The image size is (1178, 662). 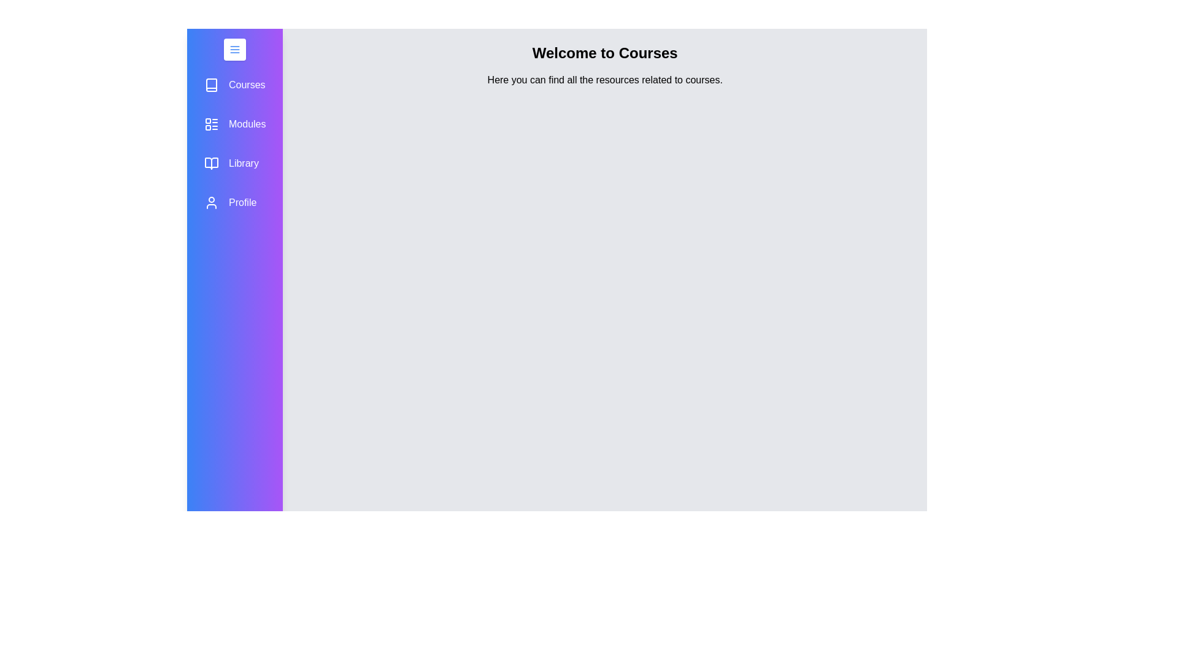 What do you see at coordinates (235, 124) in the screenshot?
I see `the Modules tab from the available options` at bounding box center [235, 124].